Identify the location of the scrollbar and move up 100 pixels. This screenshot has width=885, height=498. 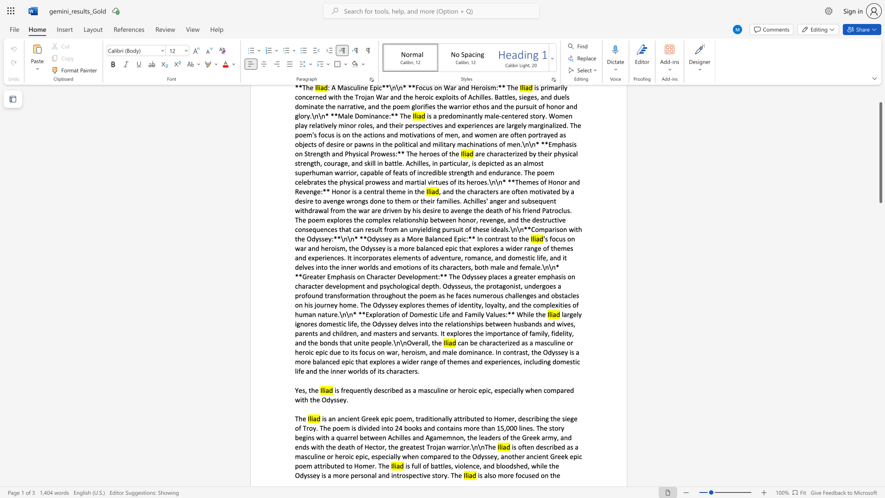
(880, 152).